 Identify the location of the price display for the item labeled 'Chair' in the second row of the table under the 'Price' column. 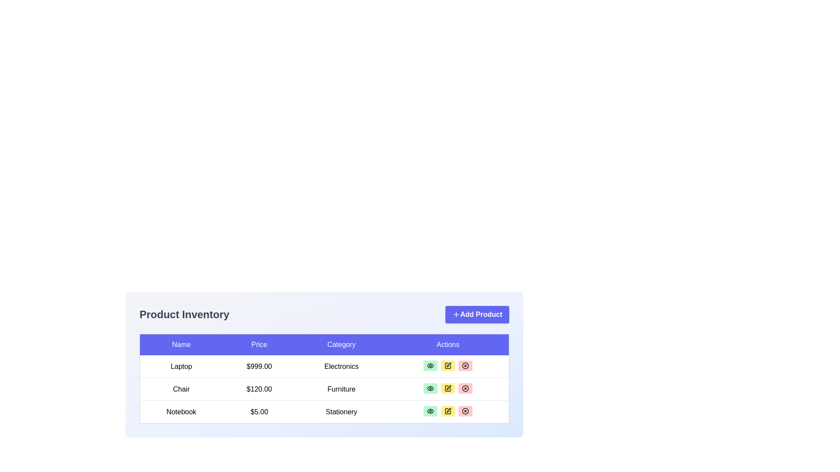
(259, 389).